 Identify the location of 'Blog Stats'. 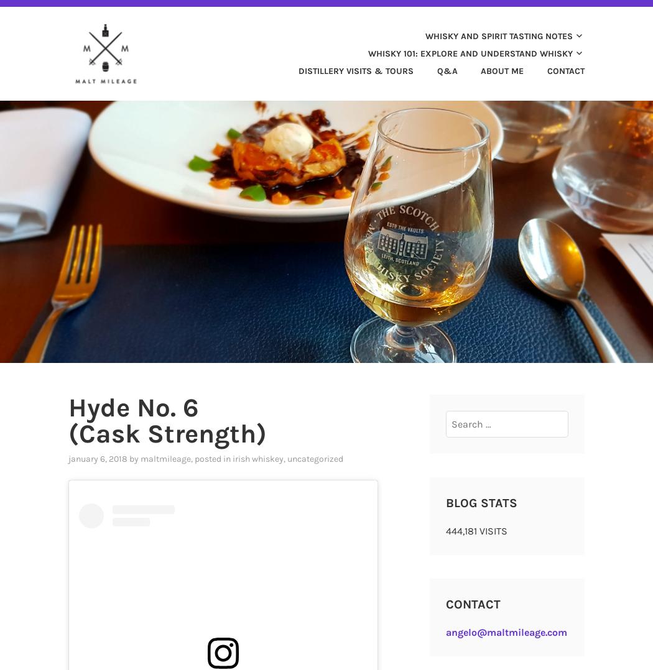
(481, 502).